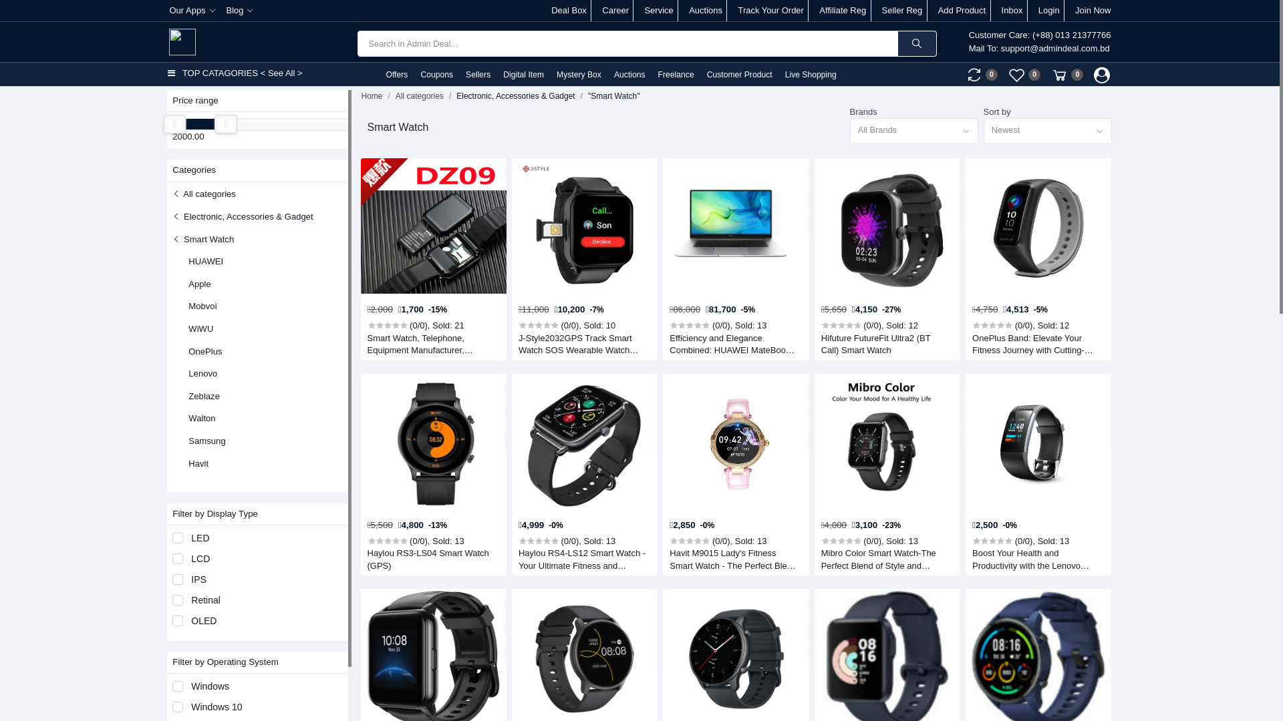  What do you see at coordinates (202, 687) in the screenshot?
I see `'RAZER'` at bounding box center [202, 687].